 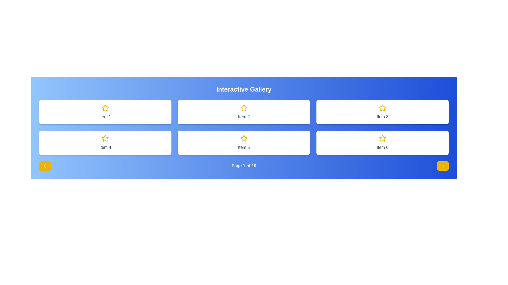 I want to click on the pagination indicator displaying 'Page 1' out of '10', so click(x=243, y=165).